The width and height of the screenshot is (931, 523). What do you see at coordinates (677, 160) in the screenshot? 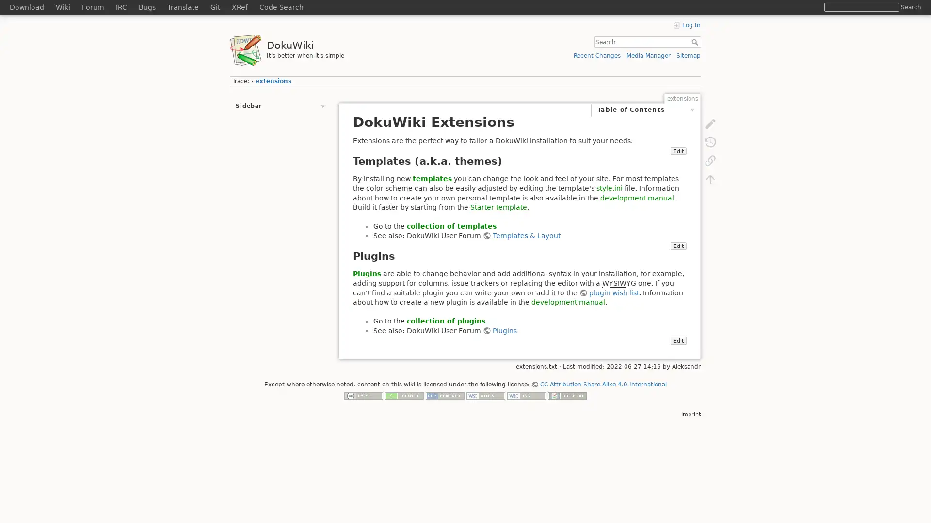
I see `Edit` at bounding box center [677, 160].